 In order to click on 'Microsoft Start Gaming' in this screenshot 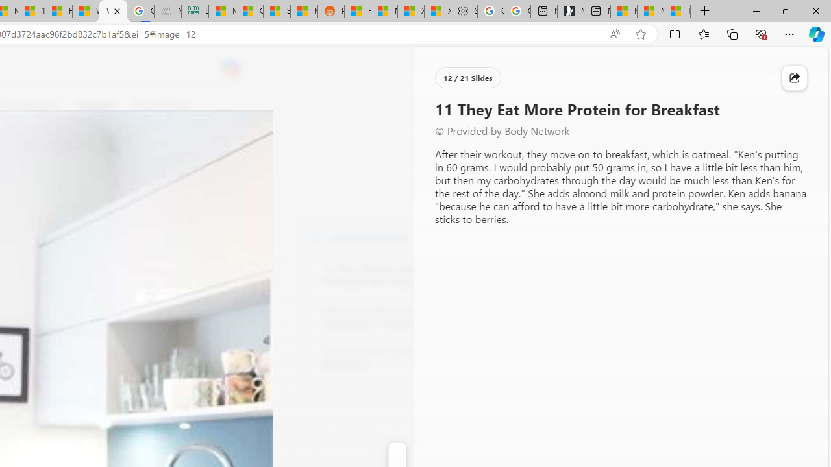, I will do `click(570, 11)`.